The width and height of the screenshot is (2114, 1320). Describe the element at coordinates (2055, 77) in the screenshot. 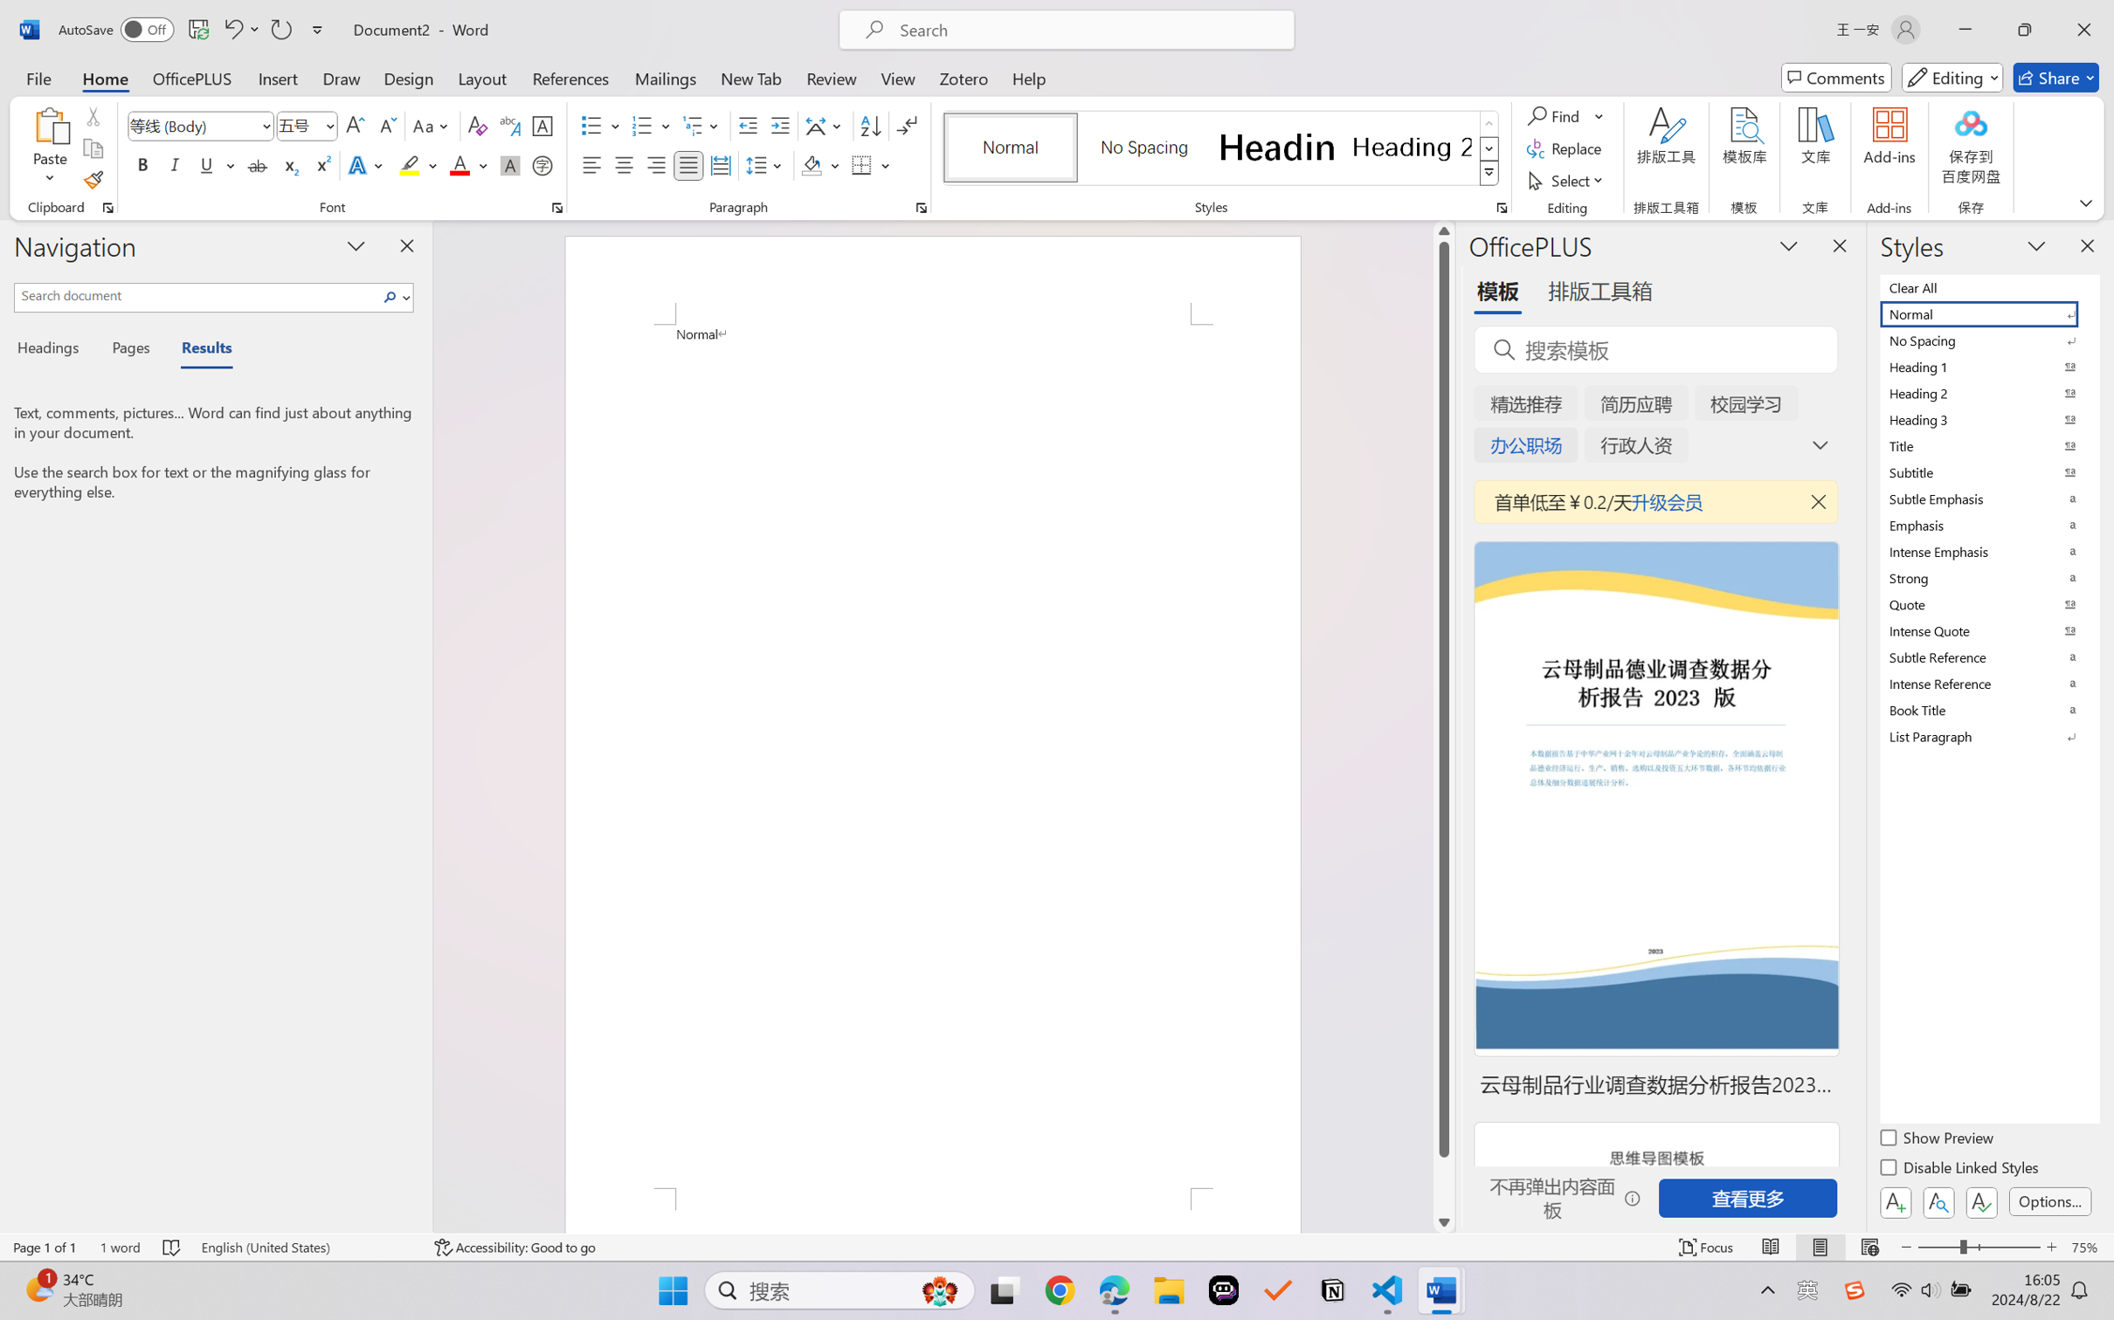

I see `'Share'` at that location.